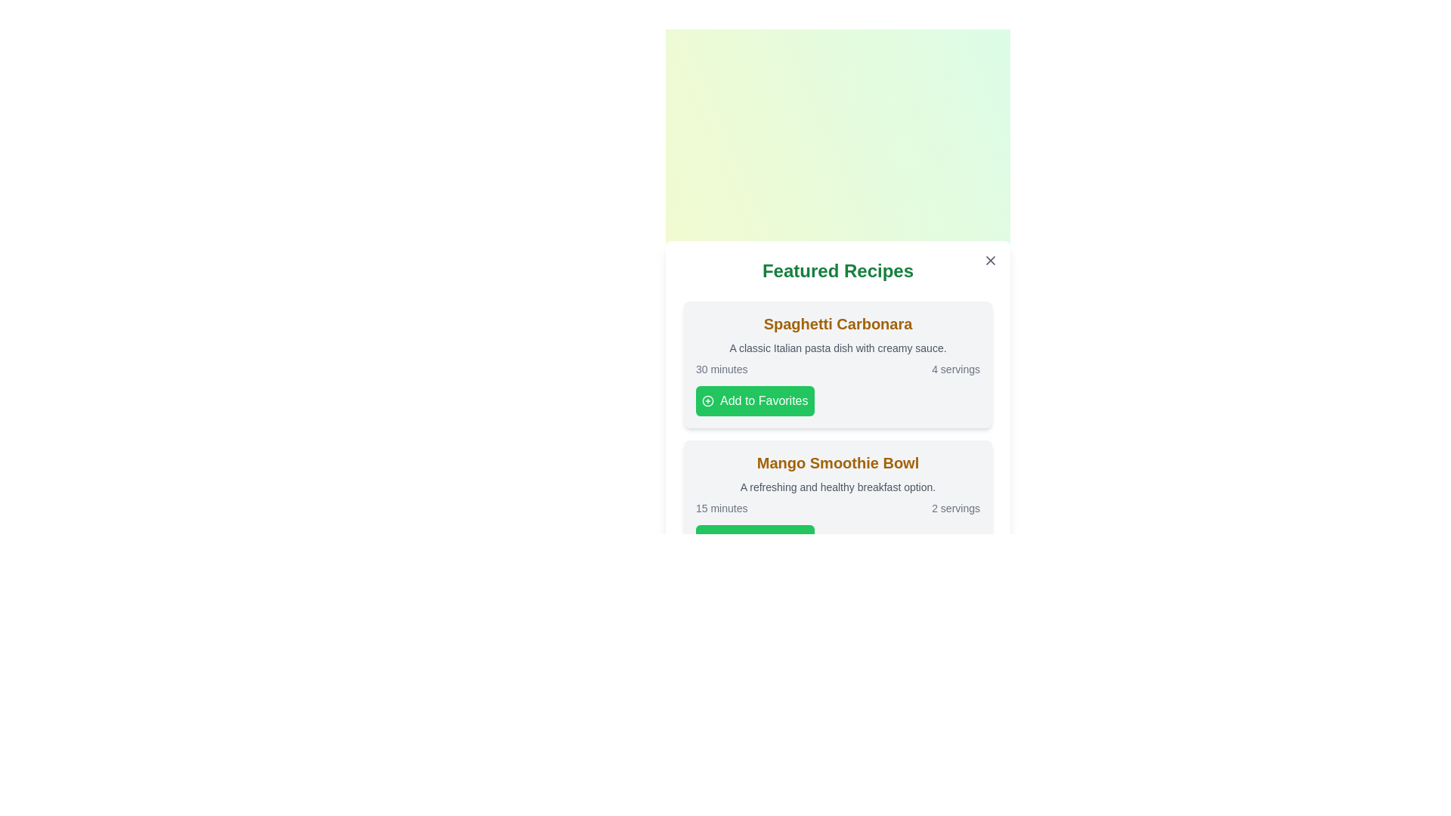 Image resolution: width=1451 pixels, height=816 pixels. What do you see at coordinates (755, 400) in the screenshot?
I see `the 'Add to Favorites' button located at the bottom of the 'Spaghetti Carbonara' recipe card to observe the visual change` at bounding box center [755, 400].